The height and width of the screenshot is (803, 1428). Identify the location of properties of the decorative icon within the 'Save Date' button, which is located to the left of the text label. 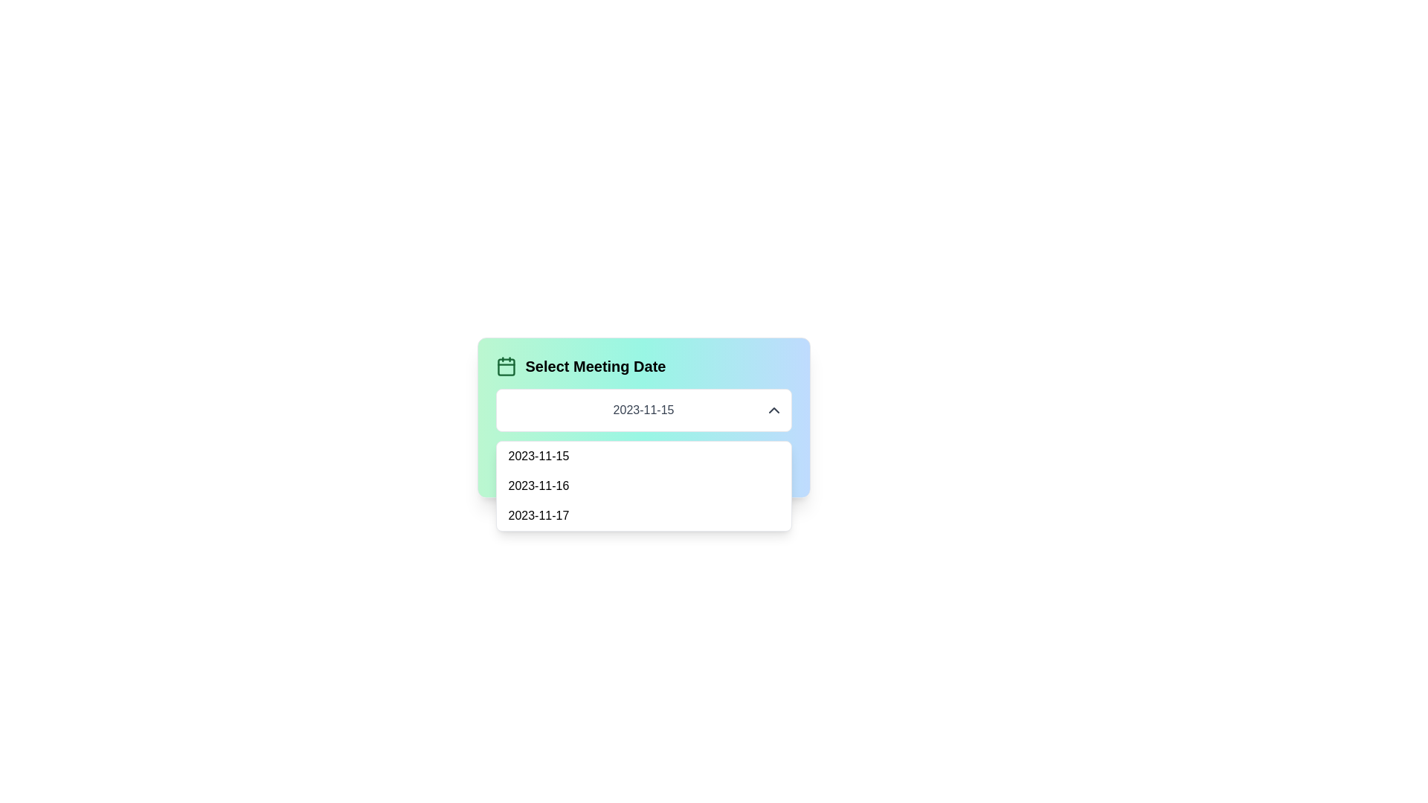
(610, 464).